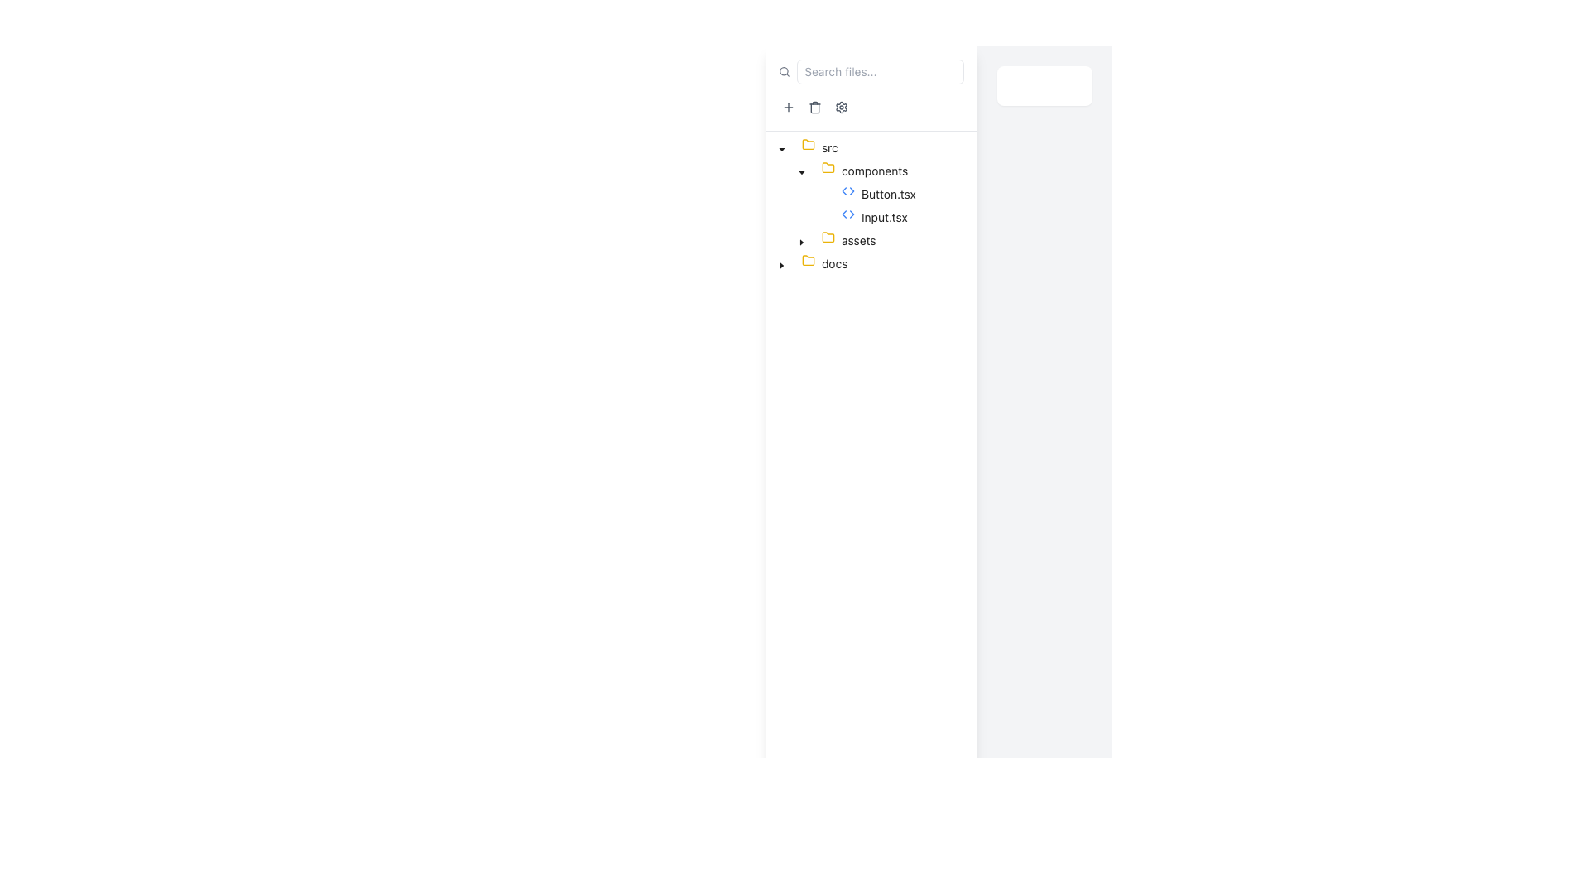  I want to click on the search icon located in the top navigation bar, which indicates the presence of a search function next to the input field with the placeholder 'Search files...', so click(784, 71).